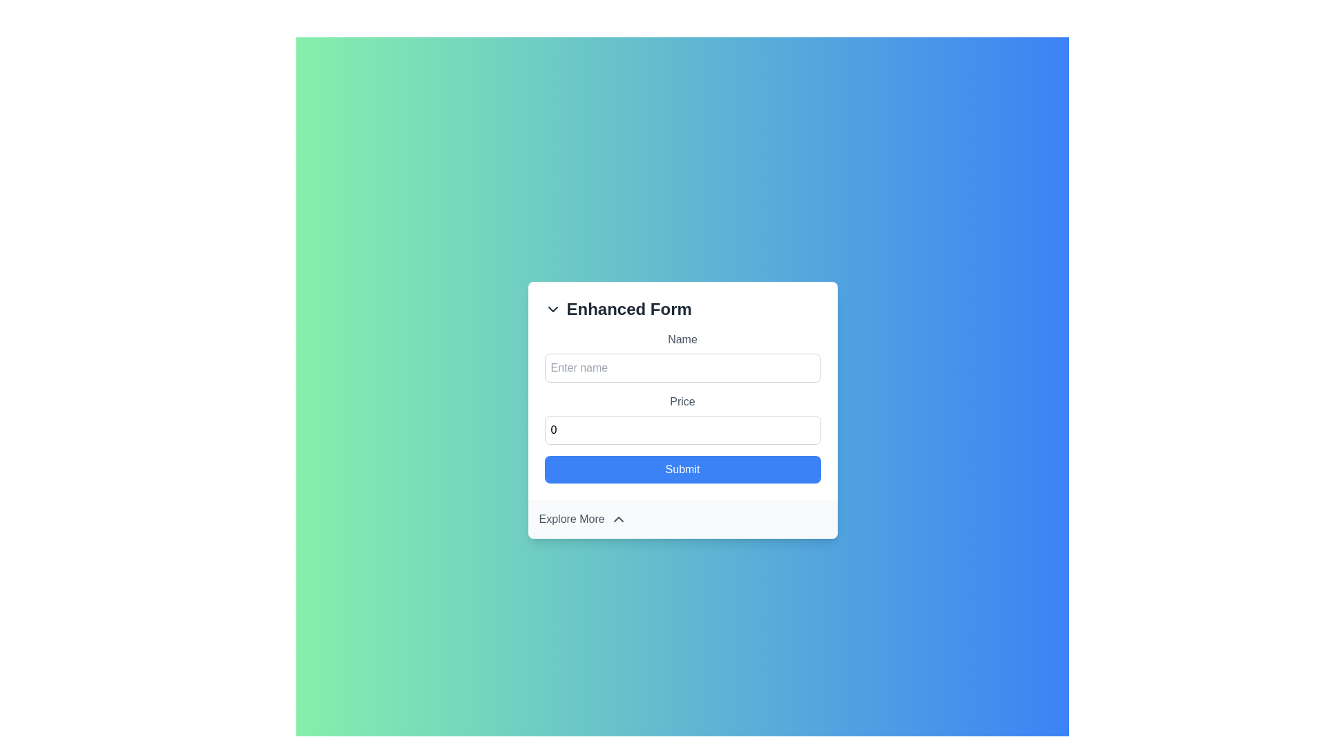 Image resolution: width=1326 pixels, height=746 pixels. I want to click on the 'Price' number input field to focus on it for user input, so click(682, 418).